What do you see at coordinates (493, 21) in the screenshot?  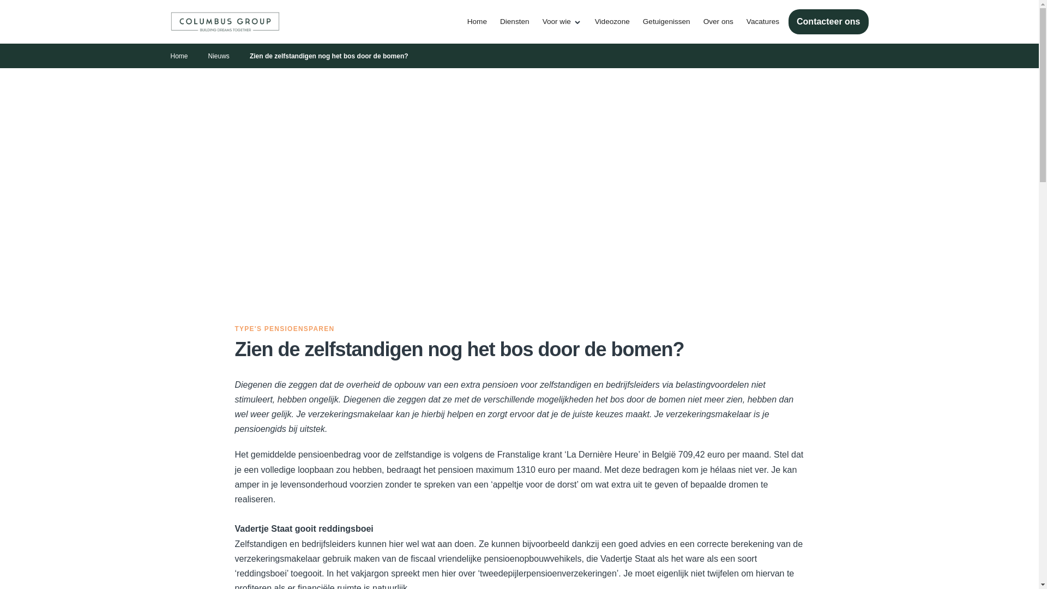 I see `'Diensten'` at bounding box center [493, 21].